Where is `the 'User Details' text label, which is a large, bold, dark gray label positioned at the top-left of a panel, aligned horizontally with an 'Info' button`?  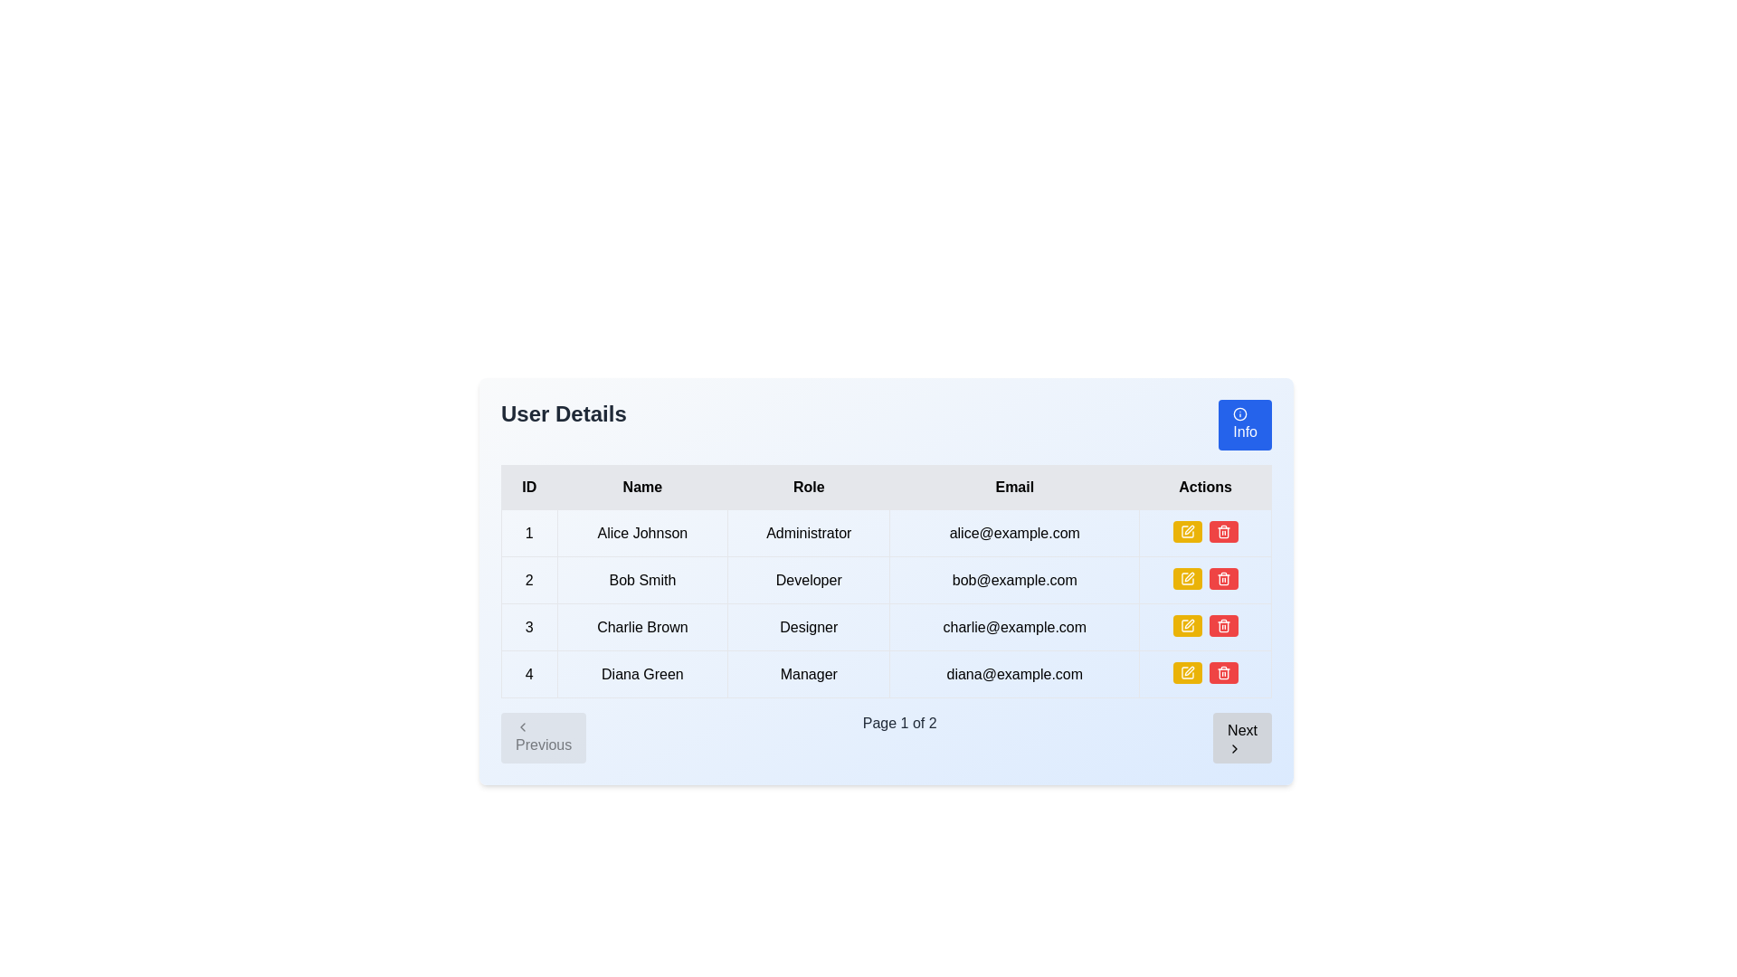 the 'User Details' text label, which is a large, bold, dark gray label positioned at the top-left of a panel, aligned horizontally with an 'Info' button is located at coordinates (563, 425).